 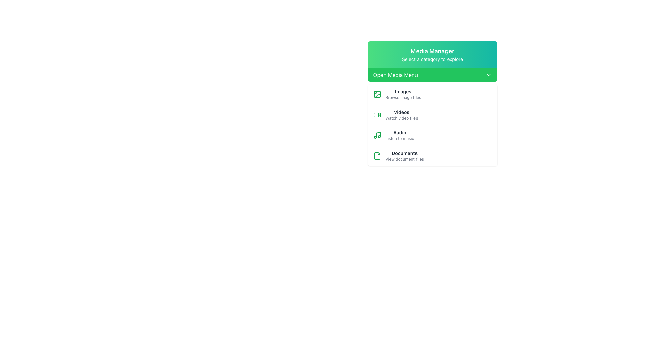 What do you see at coordinates (404, 156) in the screenshot?
I see `the informational display labeled 'Documents' which consists of a bold title and a subtitle, located as the fourth option in a vertical list within a card` at bounding box center [404, 156].